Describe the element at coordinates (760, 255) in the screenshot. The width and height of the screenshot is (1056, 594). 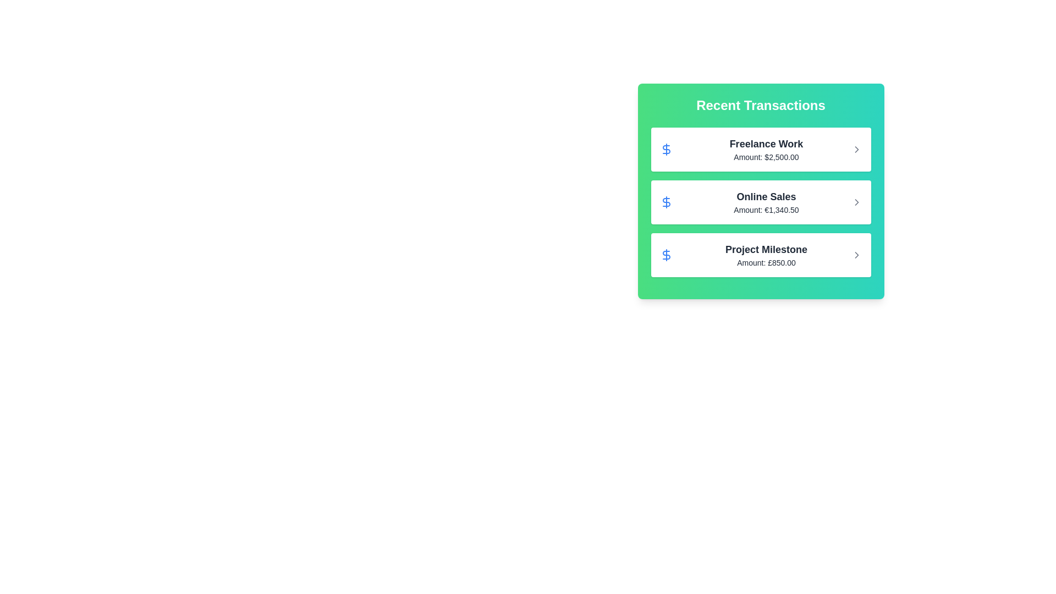
I see `the transaction entry for the project milestone worth £850` at that location.